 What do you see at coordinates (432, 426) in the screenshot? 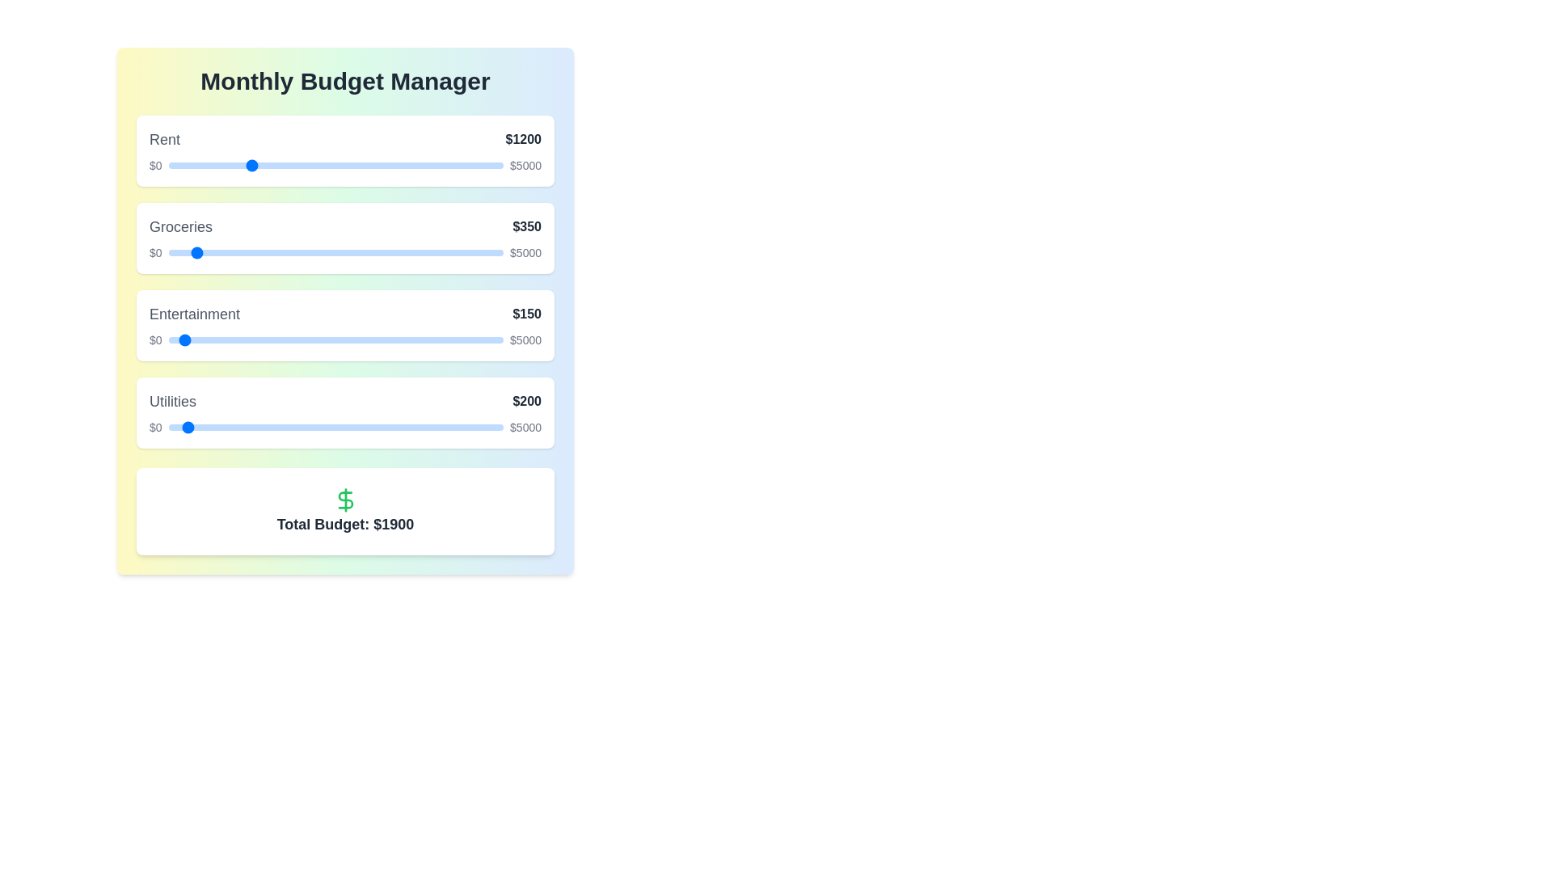
I see `the 'Utilities' slider` at bounding box center [432, 426].